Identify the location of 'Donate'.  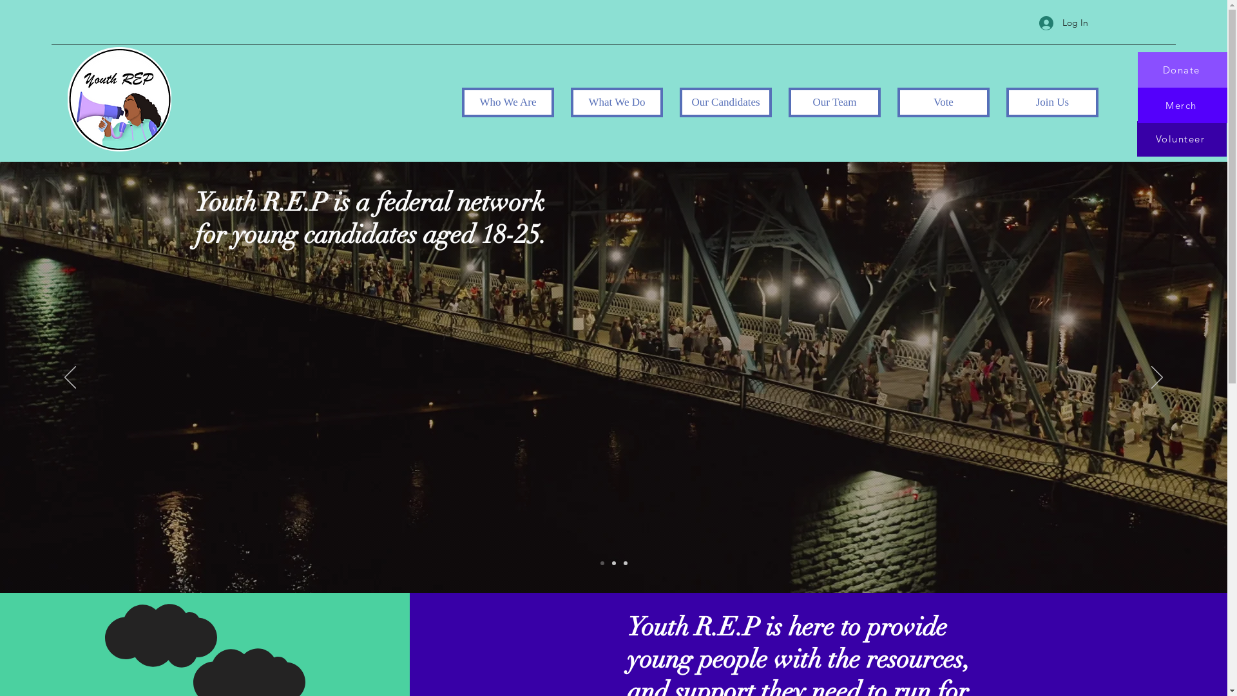
(1182, 70).